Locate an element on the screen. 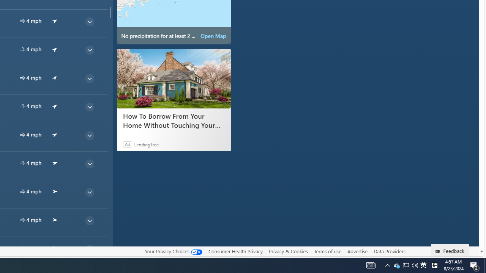 The width and height of the screenshot is (486, 273). 'Data Providers' is located at coordinates (389, 251).